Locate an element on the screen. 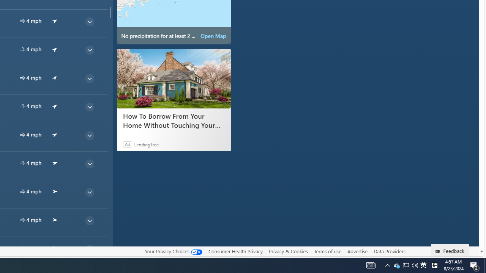 The width and height of the screenshot is (486, 273). 'Data Providers' is located at coordinates (389, 251).